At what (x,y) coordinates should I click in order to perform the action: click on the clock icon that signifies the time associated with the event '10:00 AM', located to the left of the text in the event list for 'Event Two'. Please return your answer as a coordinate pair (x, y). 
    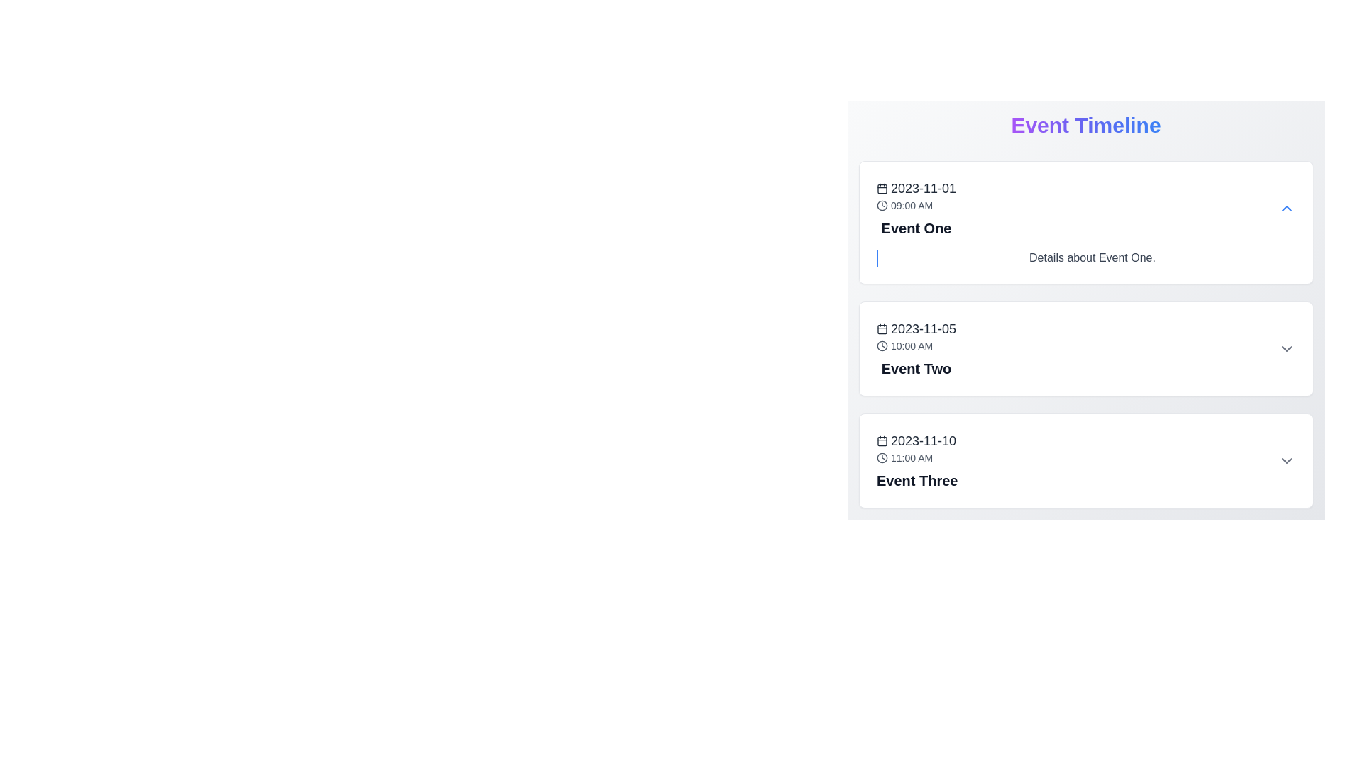
    Looking at the image, I should click on (882, 346).